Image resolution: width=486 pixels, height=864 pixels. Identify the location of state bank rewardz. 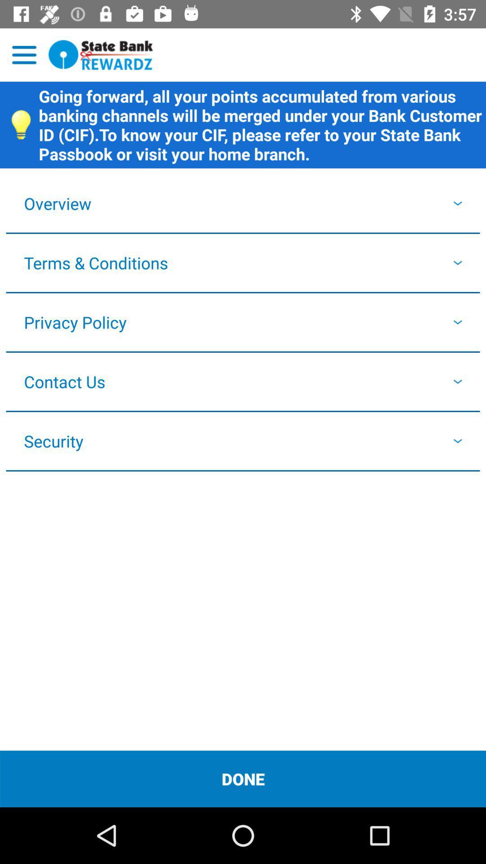
(101, 54).